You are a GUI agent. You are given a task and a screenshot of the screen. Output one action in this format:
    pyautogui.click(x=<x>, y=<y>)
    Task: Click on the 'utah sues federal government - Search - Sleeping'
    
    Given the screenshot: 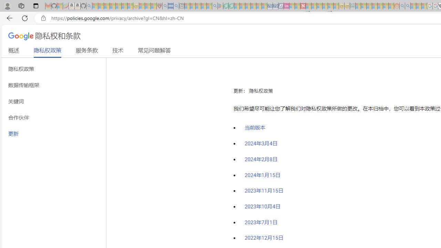 What is the action you would take?
    pyautogui.click(x=176, y=6)
    